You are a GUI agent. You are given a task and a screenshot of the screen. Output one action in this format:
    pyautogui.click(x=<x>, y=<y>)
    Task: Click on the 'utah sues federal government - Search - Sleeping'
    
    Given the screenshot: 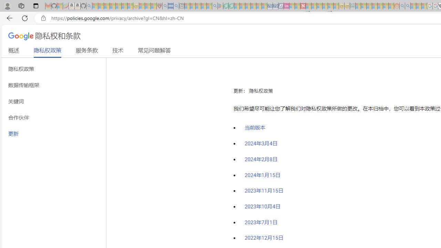 What is the action you would take?
    pyautogui.click(x=176, y=6)
    